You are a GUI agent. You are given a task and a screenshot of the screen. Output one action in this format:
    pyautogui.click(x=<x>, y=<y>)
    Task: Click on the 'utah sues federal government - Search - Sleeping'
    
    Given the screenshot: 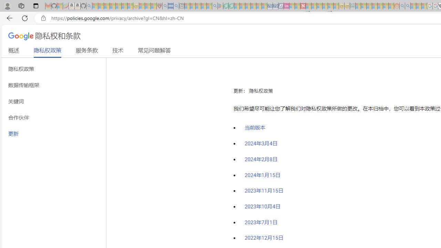 What is the action you would take?
    pyautogui.click(x=176, y=6)
    